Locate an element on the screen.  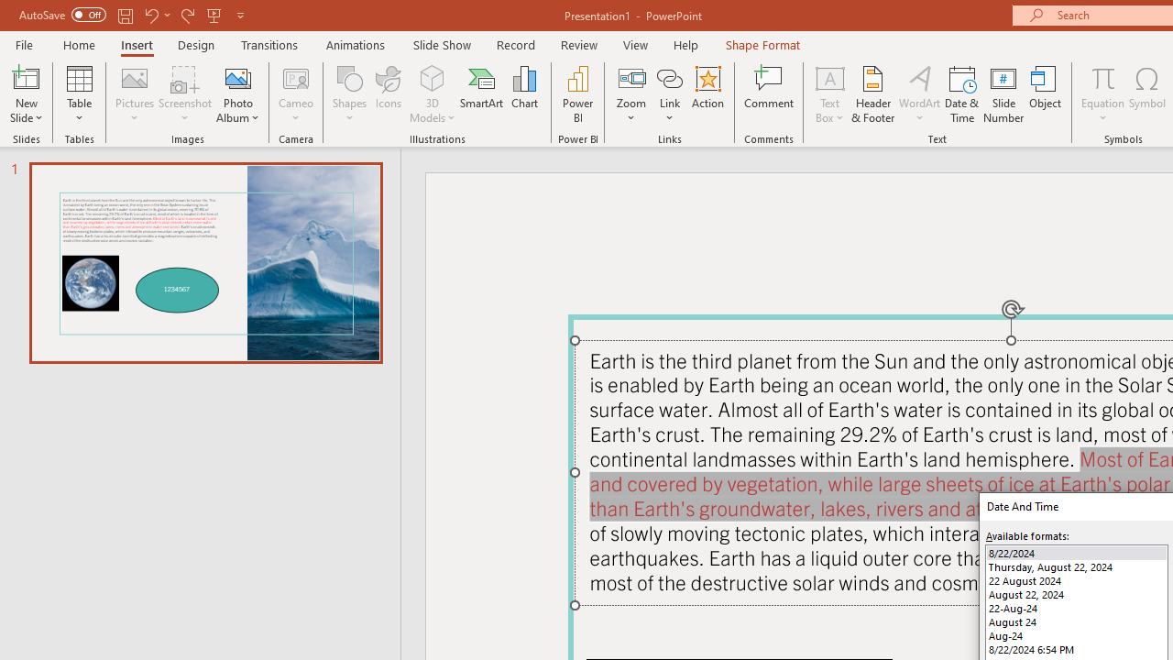
'Thursday, August 22, 2024' is located at coordinates (1077, 566).